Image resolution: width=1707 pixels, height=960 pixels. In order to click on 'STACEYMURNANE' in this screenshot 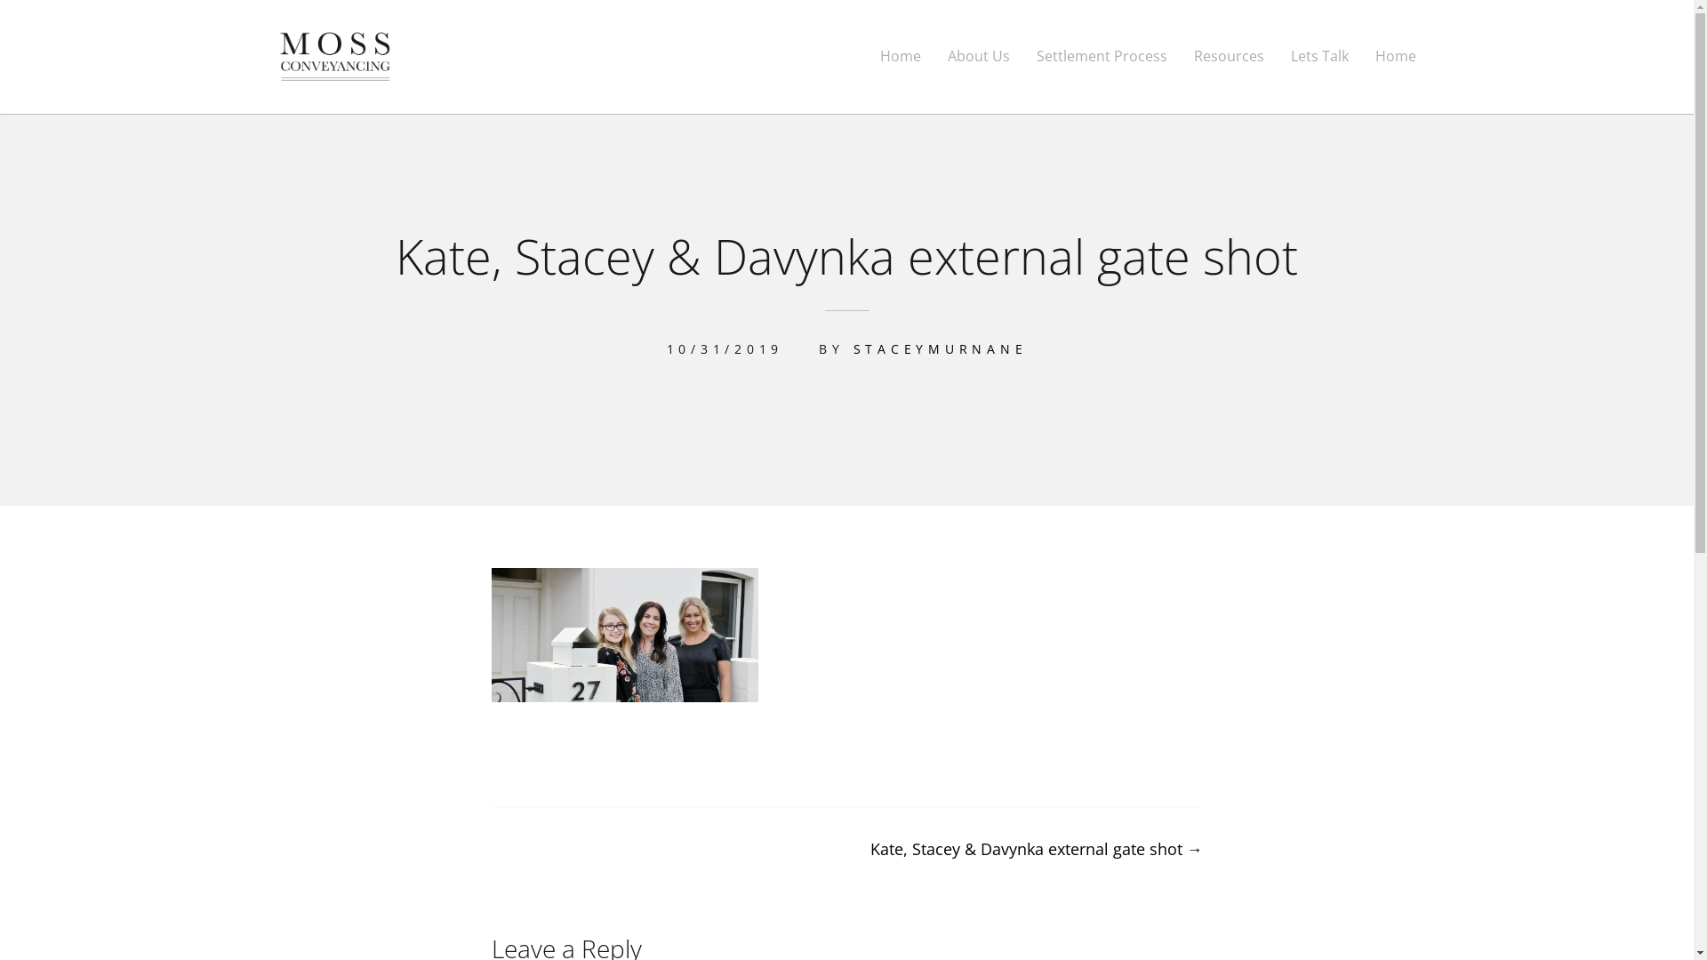, I will do `click(939, 348)`.